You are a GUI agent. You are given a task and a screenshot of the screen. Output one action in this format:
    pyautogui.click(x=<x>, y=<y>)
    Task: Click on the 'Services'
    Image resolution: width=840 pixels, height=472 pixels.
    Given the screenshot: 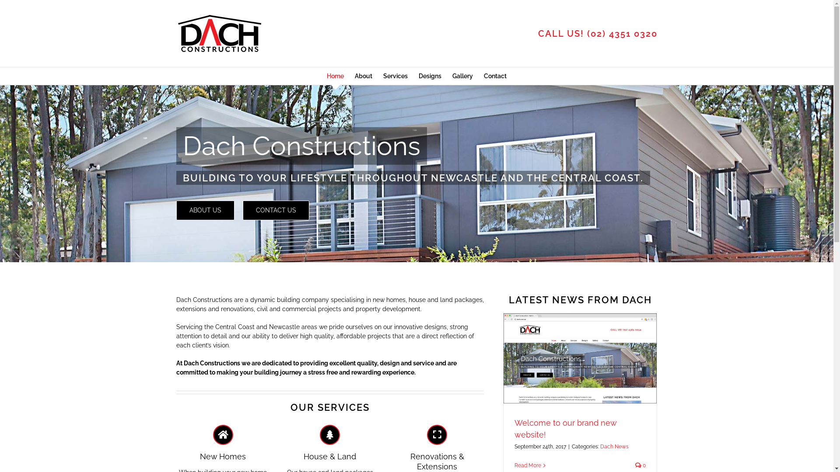 What is the action you would take?
    pyautogui.click(x=383, y=75)
    